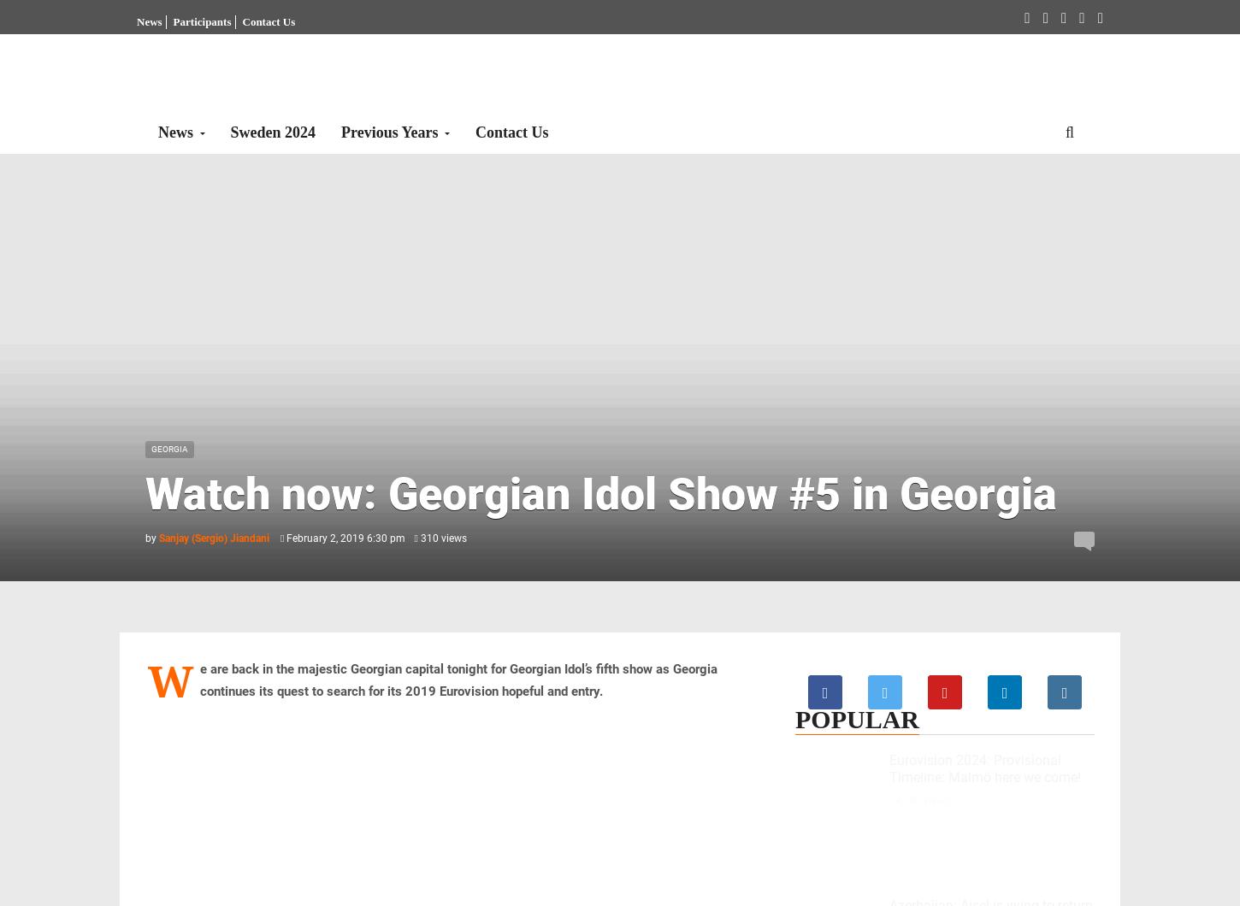 Image resolution: width=1240 pixels, height=906 pixels. I want to click on 'February 2, 2019 6:30 pm', so click(343, 538).